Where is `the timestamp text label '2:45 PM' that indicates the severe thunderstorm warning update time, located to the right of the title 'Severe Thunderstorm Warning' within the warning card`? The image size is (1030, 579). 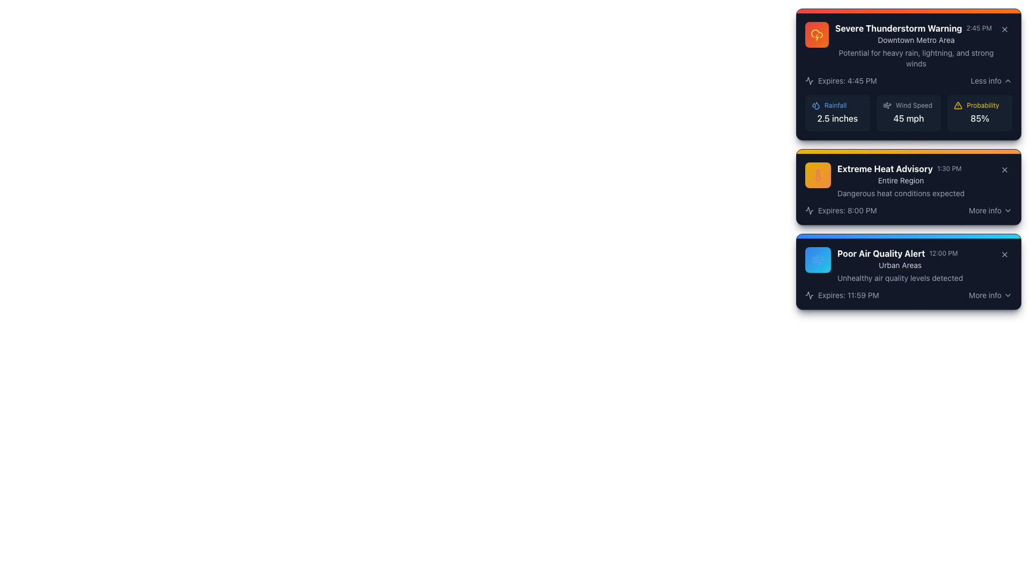 the timestamp text label '2:45 PM' that indicates the severe thunderstorm warning update time, located to the right of the title 'Severe Thunderstorm Warning' within the warning card is located at coordinates (979, 28).